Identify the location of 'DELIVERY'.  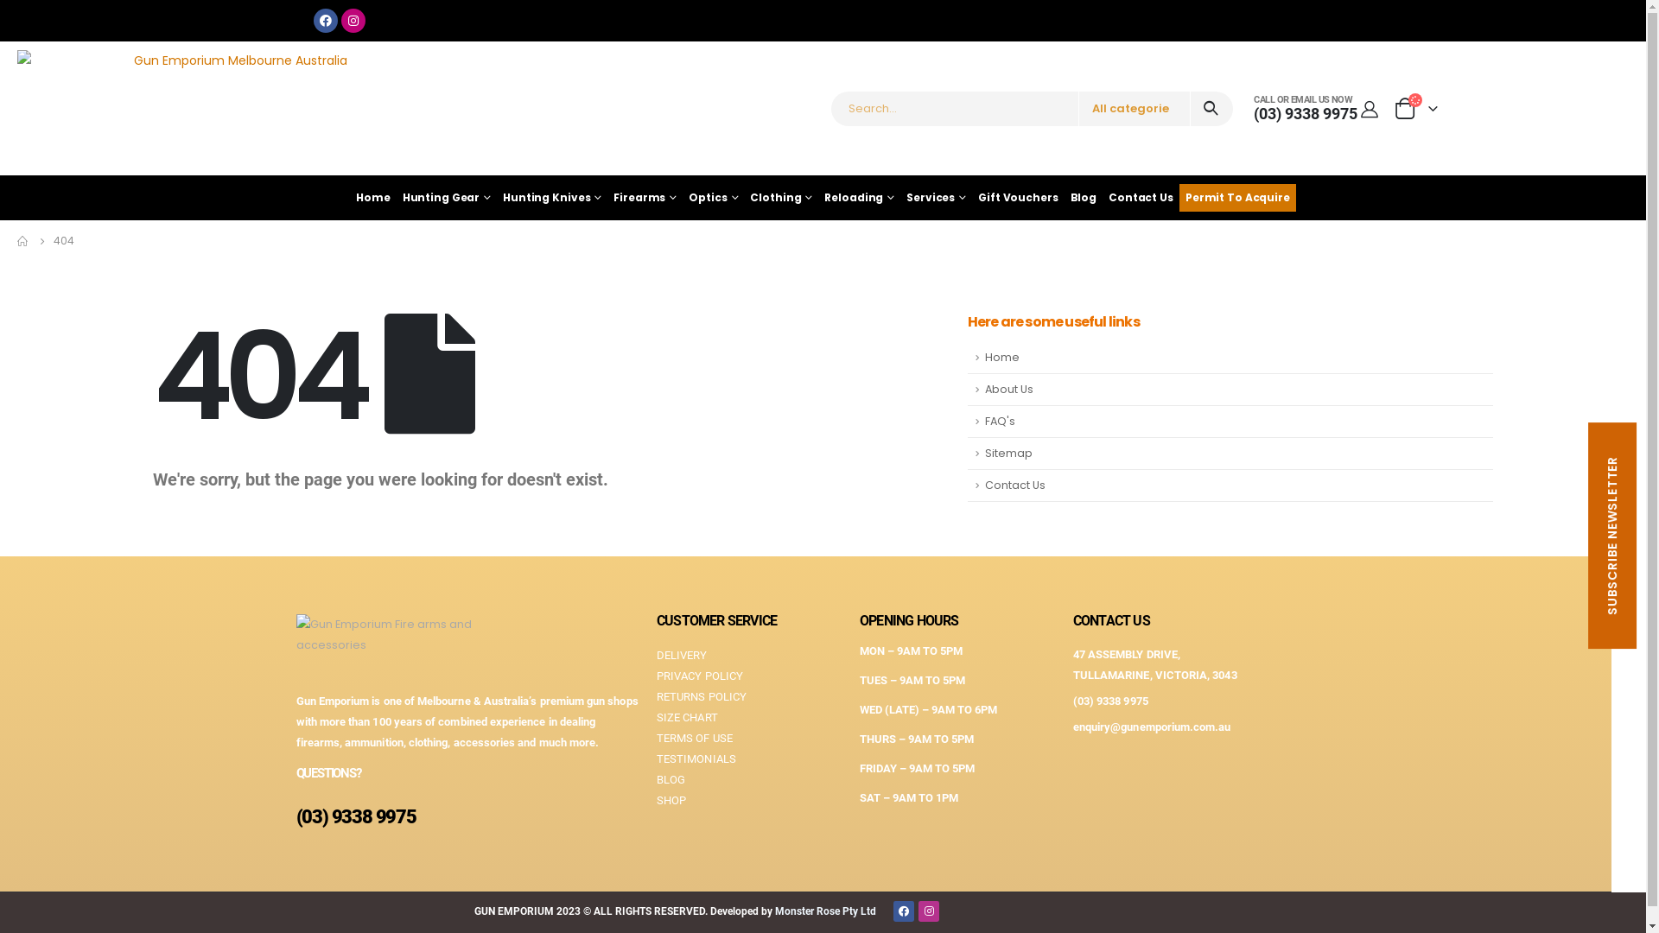
(655, 656).